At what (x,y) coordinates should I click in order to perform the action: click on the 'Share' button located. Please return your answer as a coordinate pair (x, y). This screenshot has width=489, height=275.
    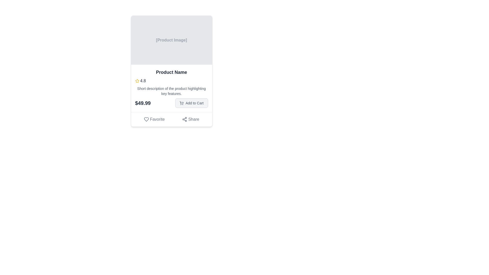
    Looking at the image, I should click on (190, 119).